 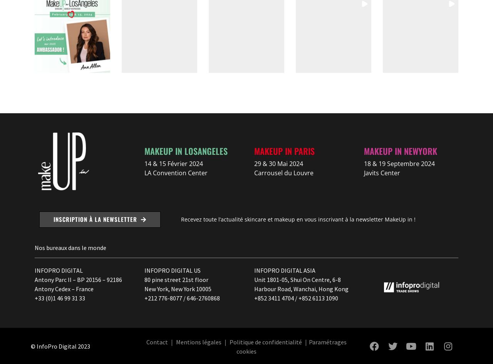 I want to click on 'New York, New York 10005', so click(x=177, y=289).